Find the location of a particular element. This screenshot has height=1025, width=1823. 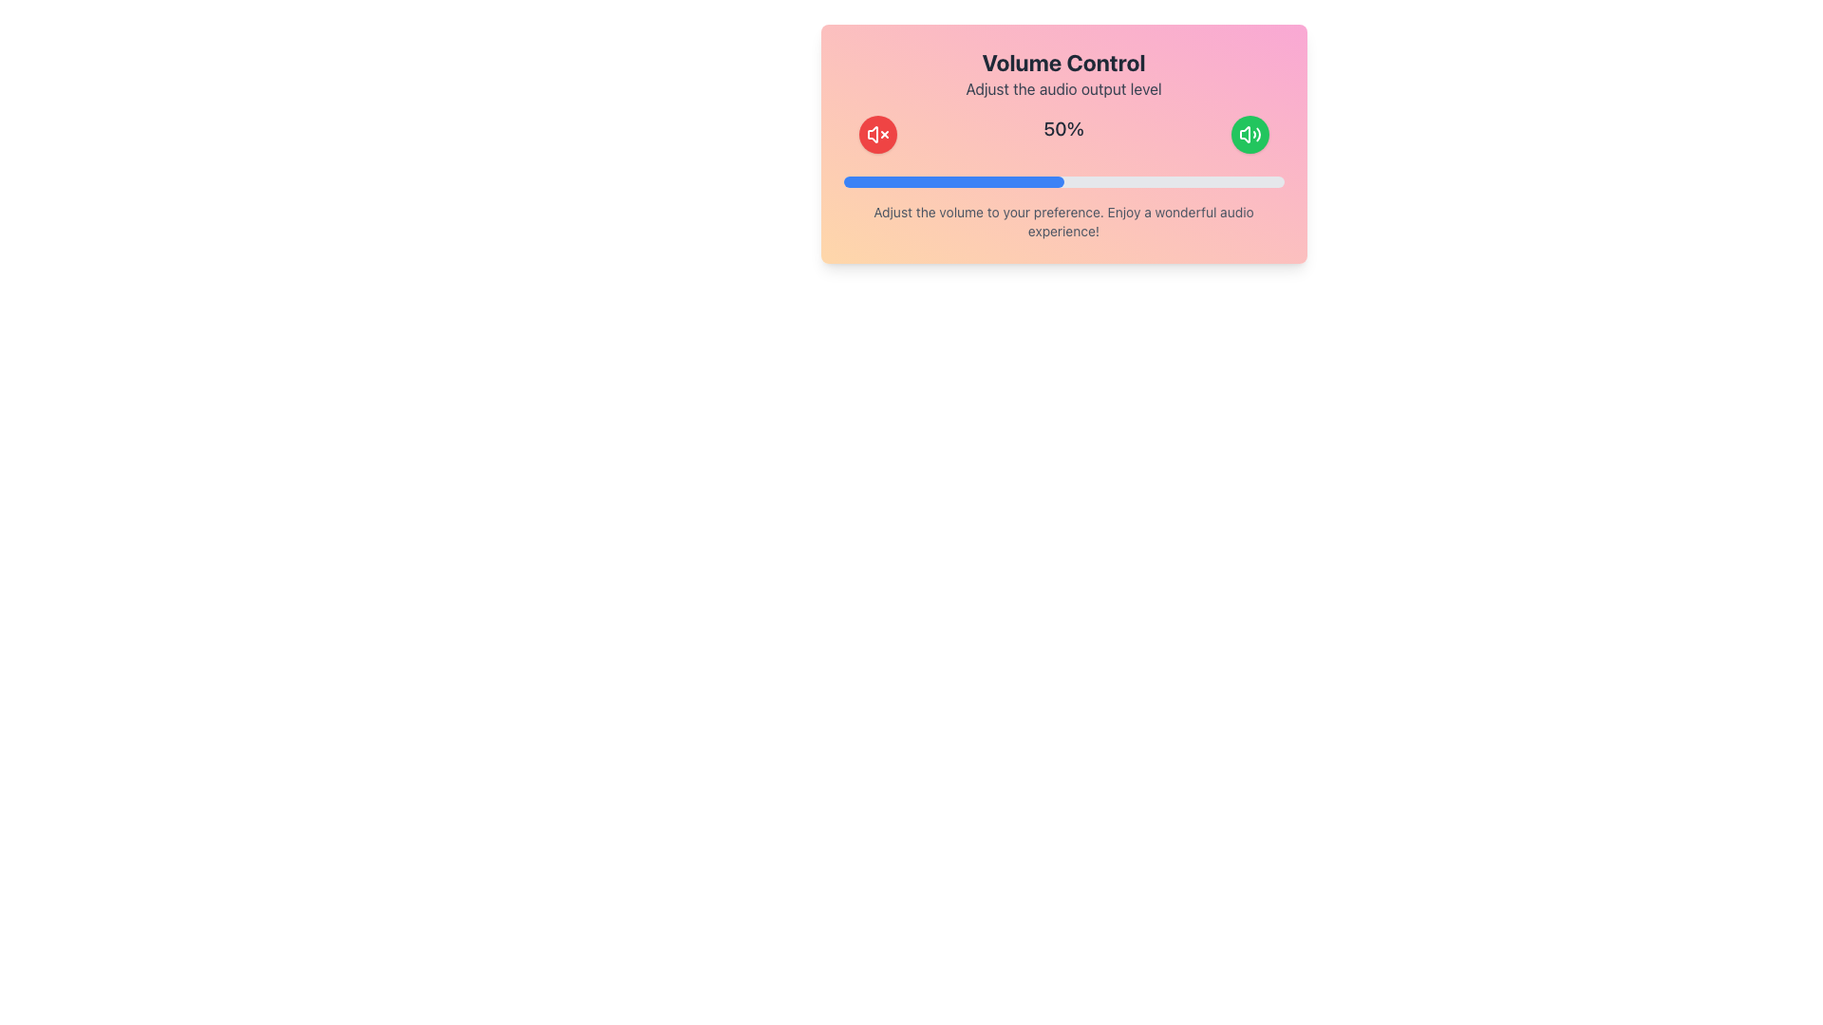

the Text label displaying '50%' in bold gray font, centrally aligned among interactive buttons is located at coordinates (1063, 134).